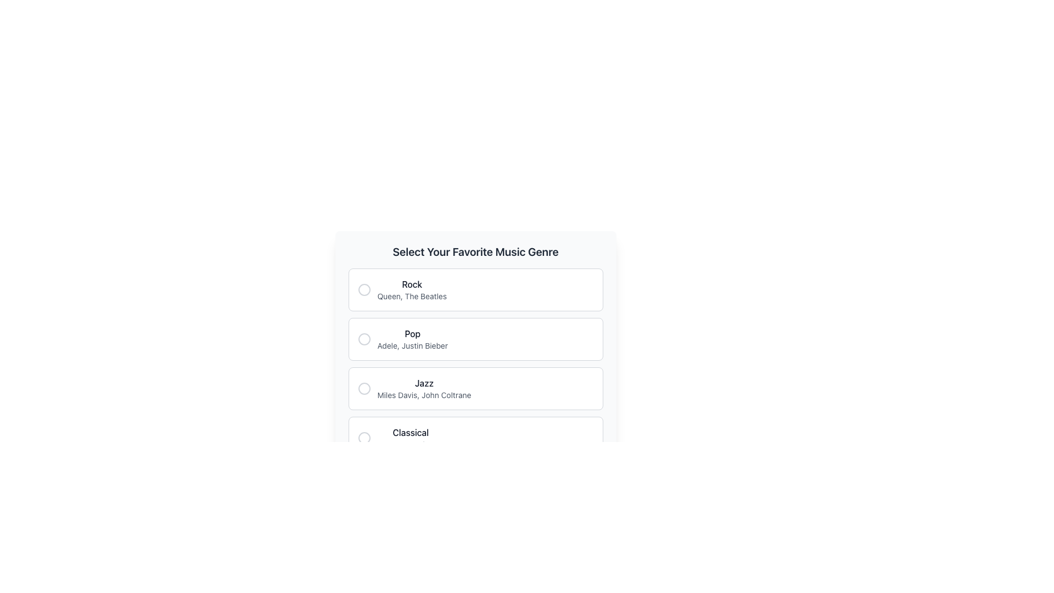 Image resolution: width=1054 pixels, height=593 pixels. Describe the element at coordinates (475, 364) in the screenshot. I see `the individual options in the list of grouped selectable music genres, which is located within the centered box titled 'Select Your Favorite Music Genre'` at that location.